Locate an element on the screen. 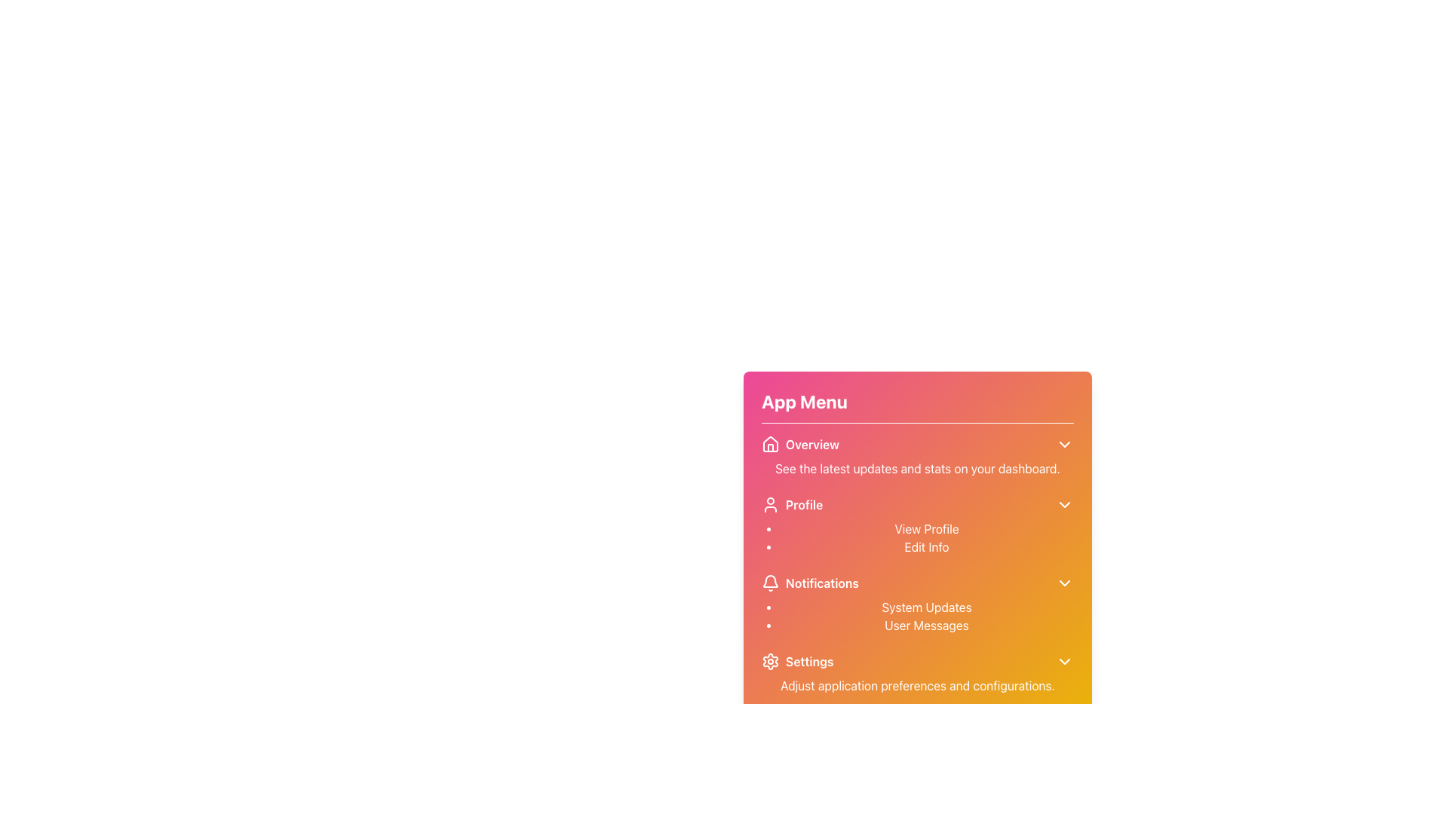 The width and height of the screenshot is (1448, 814). the 'Overview' navigation menu item located in the sidebar menu, directly below the header 'App Menu', for keyboard navigation is located at coordinates (799, 444).